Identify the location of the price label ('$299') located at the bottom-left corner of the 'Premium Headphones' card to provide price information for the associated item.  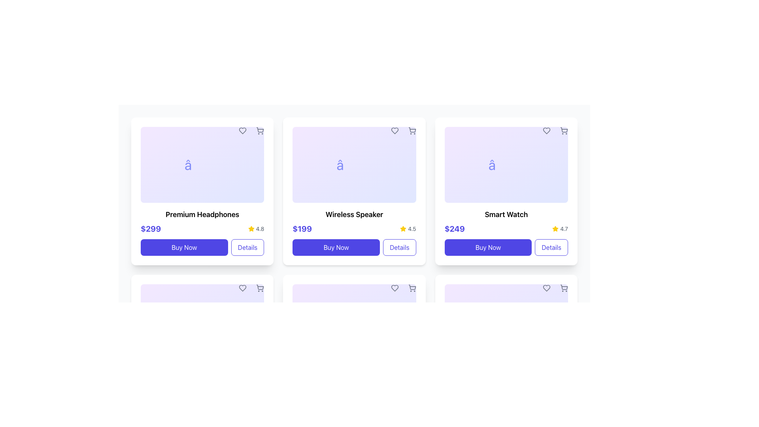
(151, 229).